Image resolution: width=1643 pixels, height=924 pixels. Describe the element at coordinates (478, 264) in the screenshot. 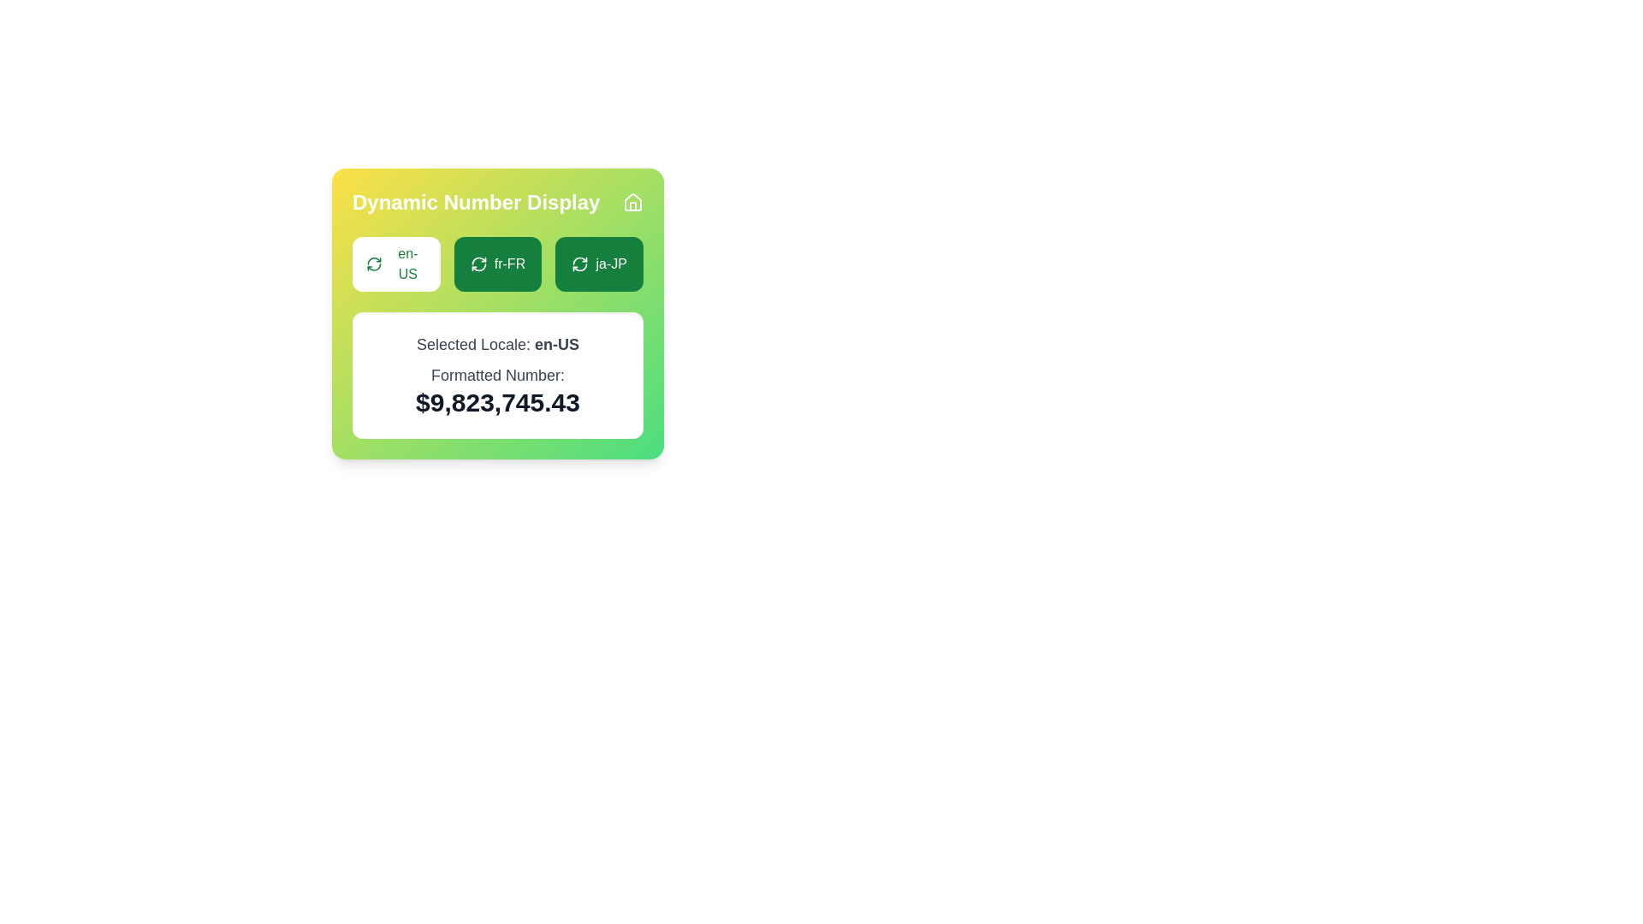

I see `the refresh icon within the 'fr-FR' button, which is the second button in a row of three buttons at the top of the 'Dynamic Number Display' card` at that location.